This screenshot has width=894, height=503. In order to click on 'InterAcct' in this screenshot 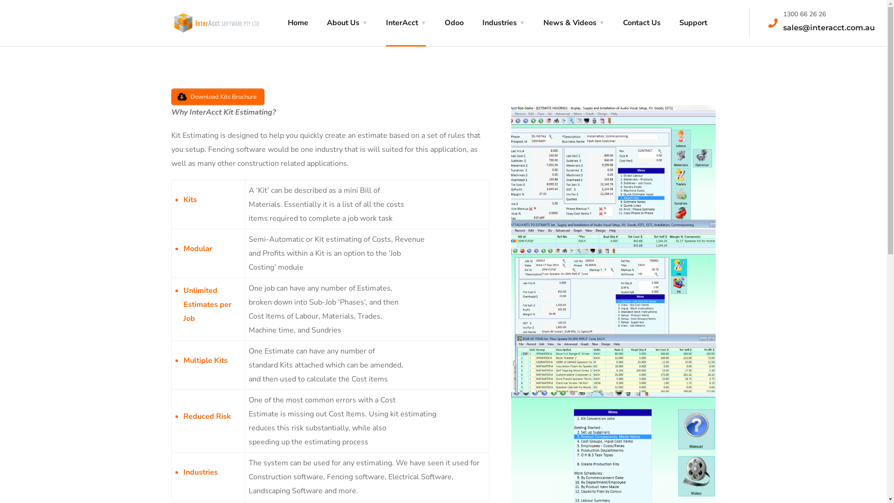, I will do `click(405, 22)`.